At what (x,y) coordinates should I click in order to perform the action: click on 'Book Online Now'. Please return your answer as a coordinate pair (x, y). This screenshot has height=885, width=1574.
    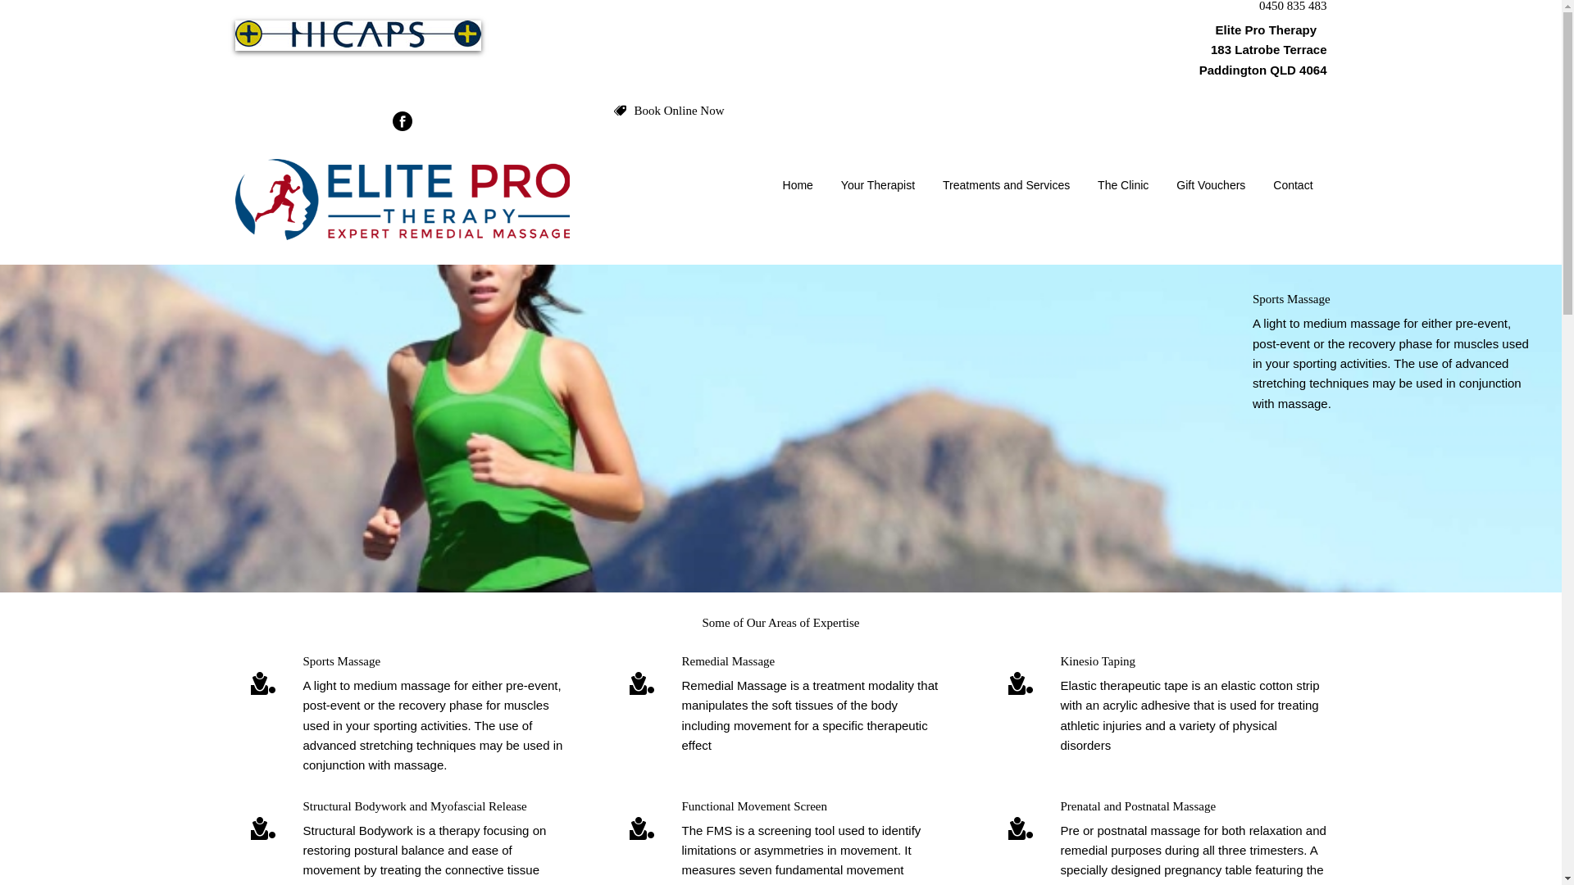
    Looking at the image, I should click on (680, 111).